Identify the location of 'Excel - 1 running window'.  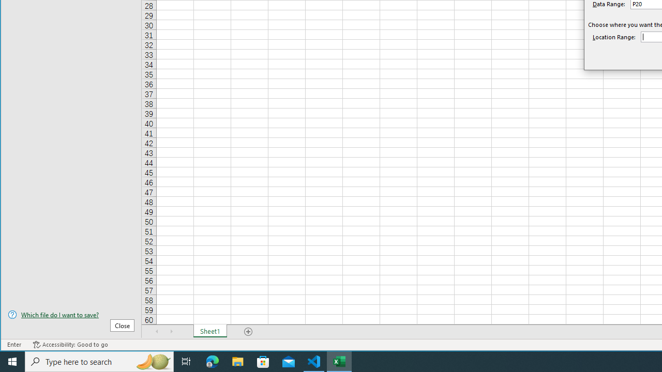
(339, 361).